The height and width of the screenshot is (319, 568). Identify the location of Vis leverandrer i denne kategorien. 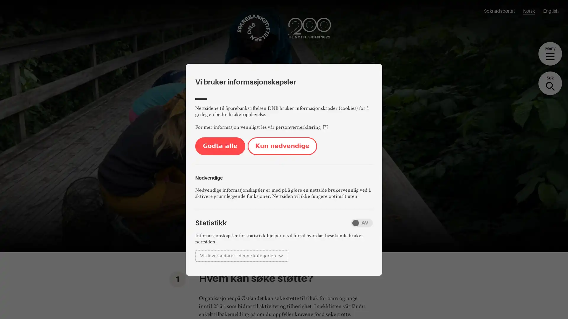
(241, 255).